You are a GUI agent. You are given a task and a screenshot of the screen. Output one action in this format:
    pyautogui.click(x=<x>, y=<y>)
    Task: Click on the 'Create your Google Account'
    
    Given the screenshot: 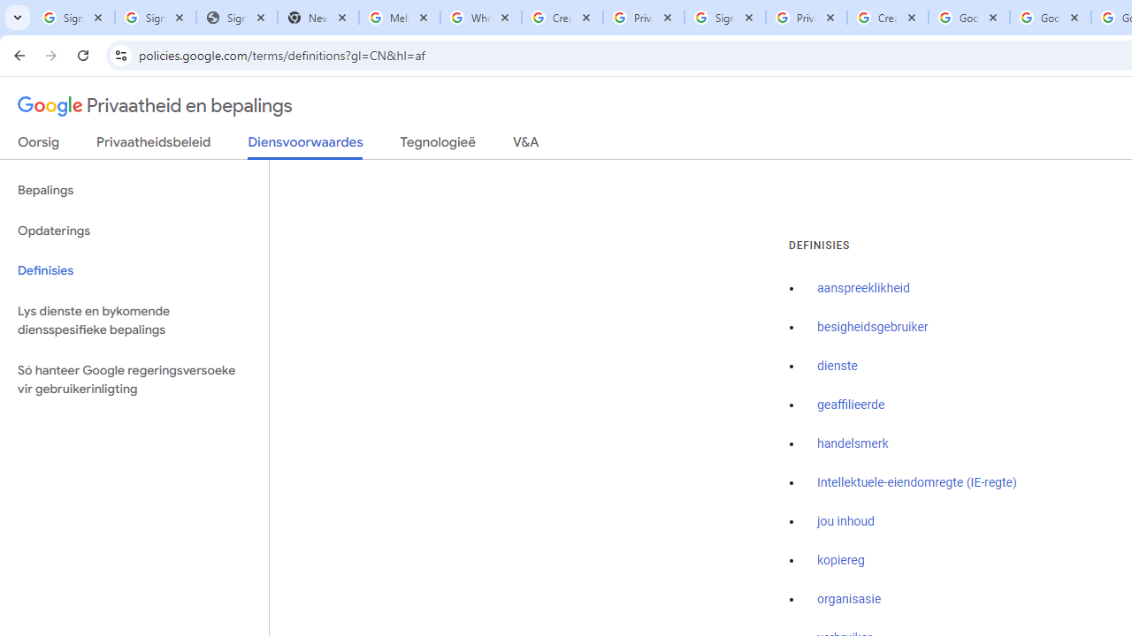 What is the action you would take?
    pyautogui.click(x=887, y=18)
    